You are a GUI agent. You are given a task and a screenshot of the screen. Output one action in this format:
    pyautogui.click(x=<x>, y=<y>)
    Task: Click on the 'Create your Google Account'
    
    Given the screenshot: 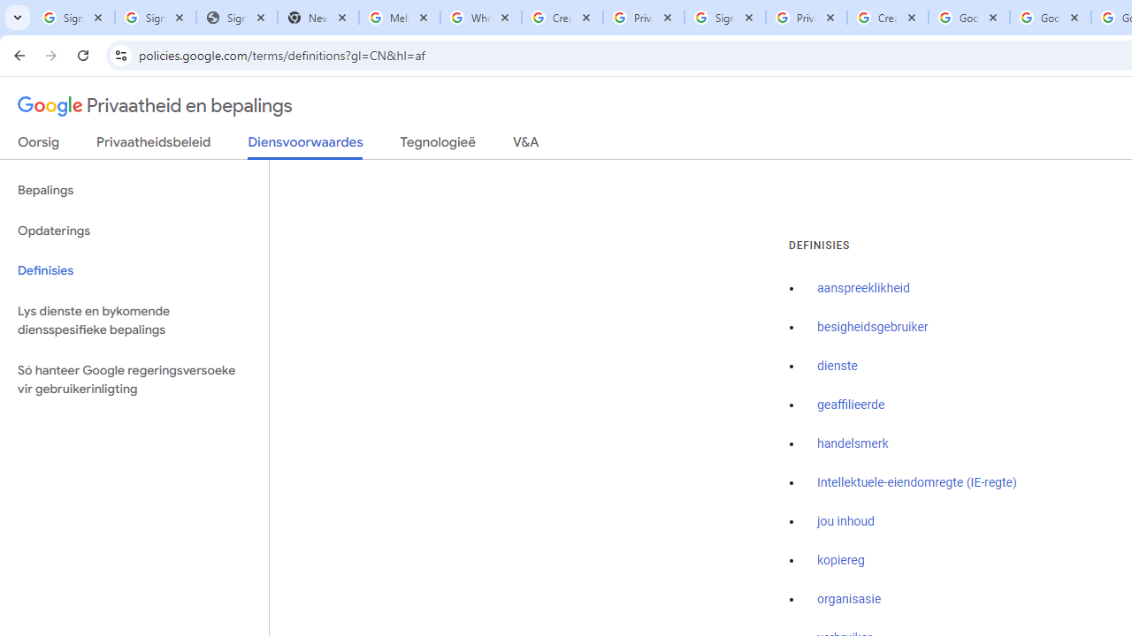 What is the action you would take?
    pyautogui.click(x=887, y=18)
    